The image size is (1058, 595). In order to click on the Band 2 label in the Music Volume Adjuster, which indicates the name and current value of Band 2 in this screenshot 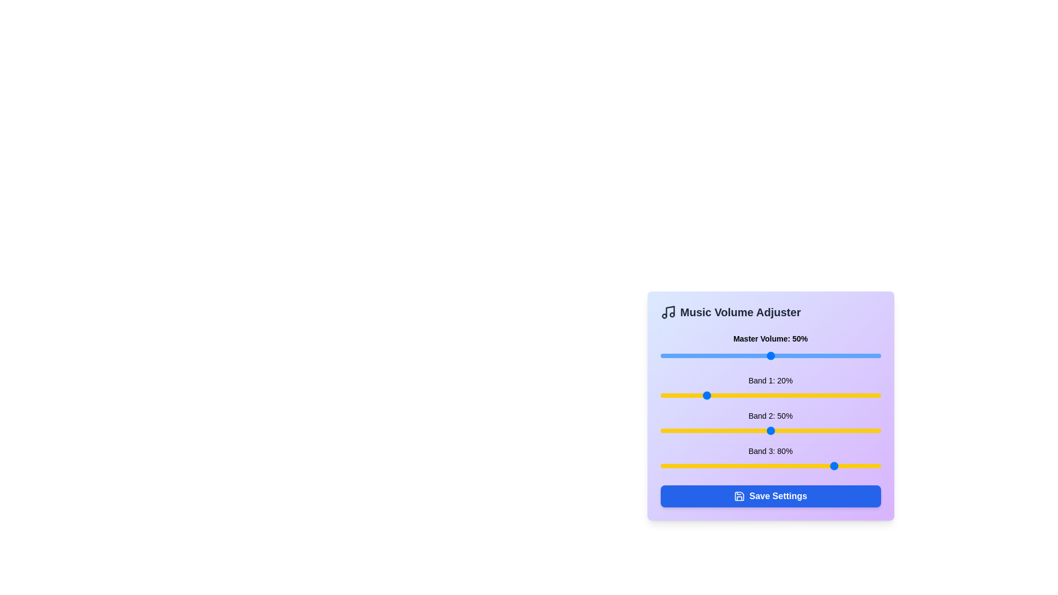, I will do `click(770, 416)`.